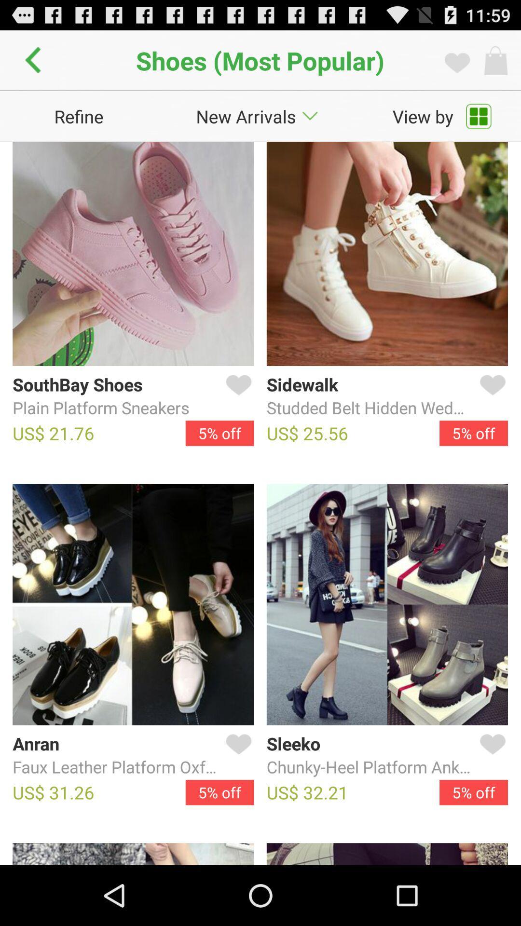 Image resolution: width=521 pixels, height=926 pixels. Describe the element at coordinates (236, 755) in the screenshot. I see `the heart symbol to the right of anran text` at that location.